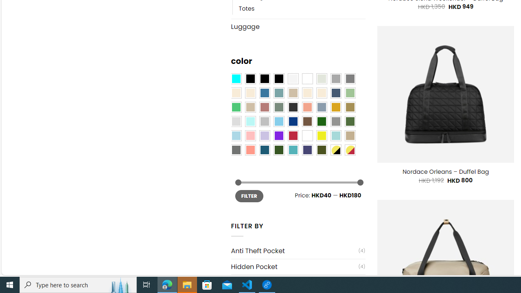 Image resolution: width=521 pixels, height=293 pixels. I want to click on 'Emerald Green', so click(235, 107).